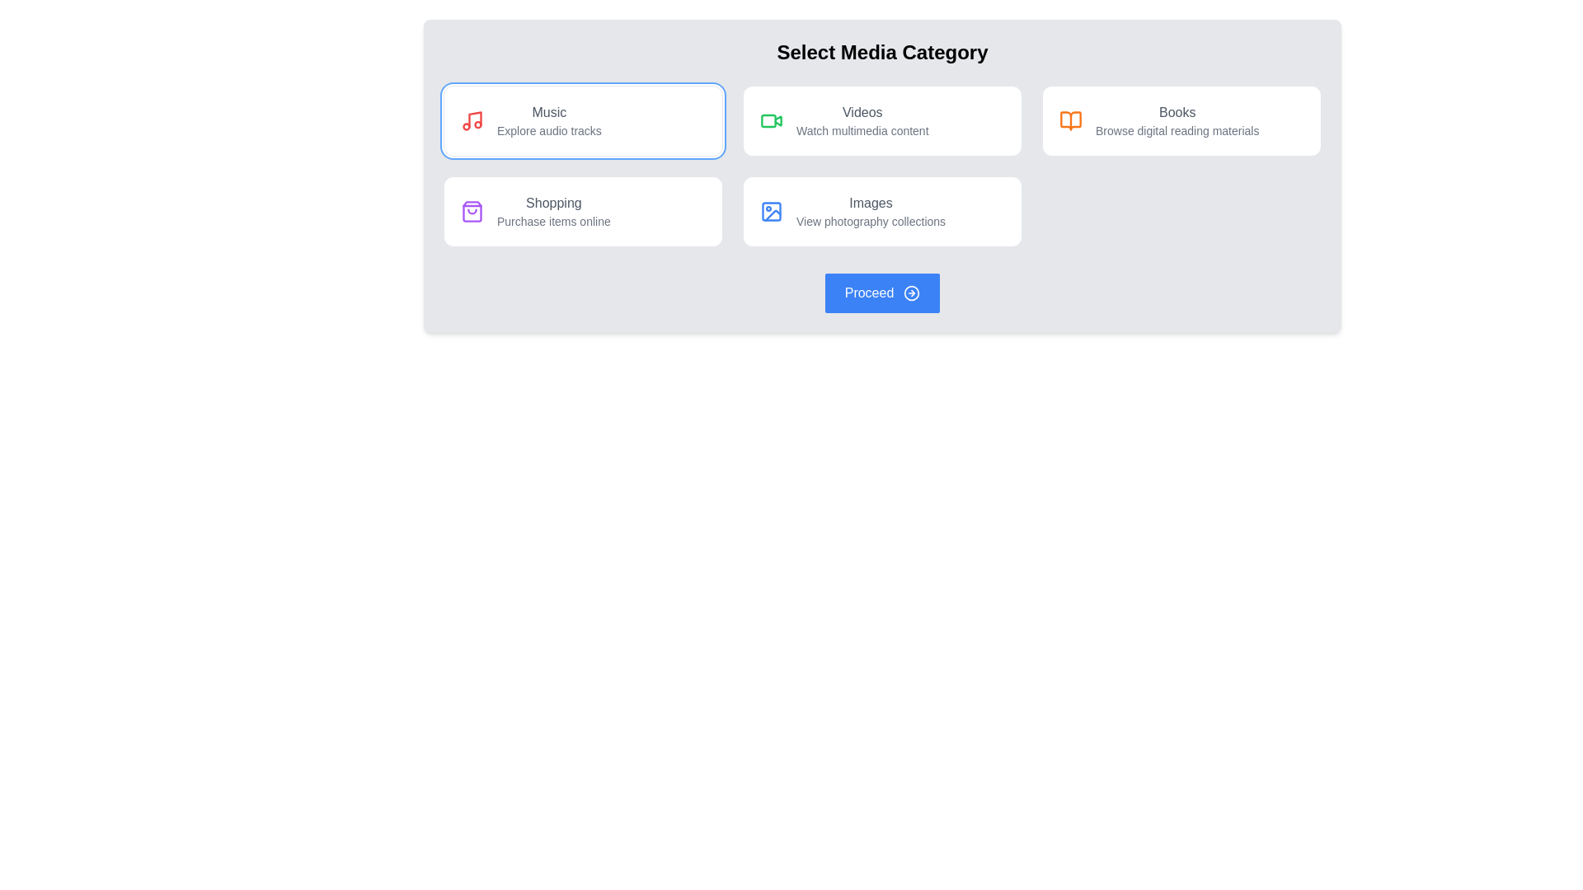  What do you see at coordinates (471, 119) in the screenshot?
I see `the 'Music' category icon located in the top-left quadrant of the media selection interface, which is inside a card labeled 'Music' with the subtext 'Explore audio tracks'` at bounding box center [471, 119].